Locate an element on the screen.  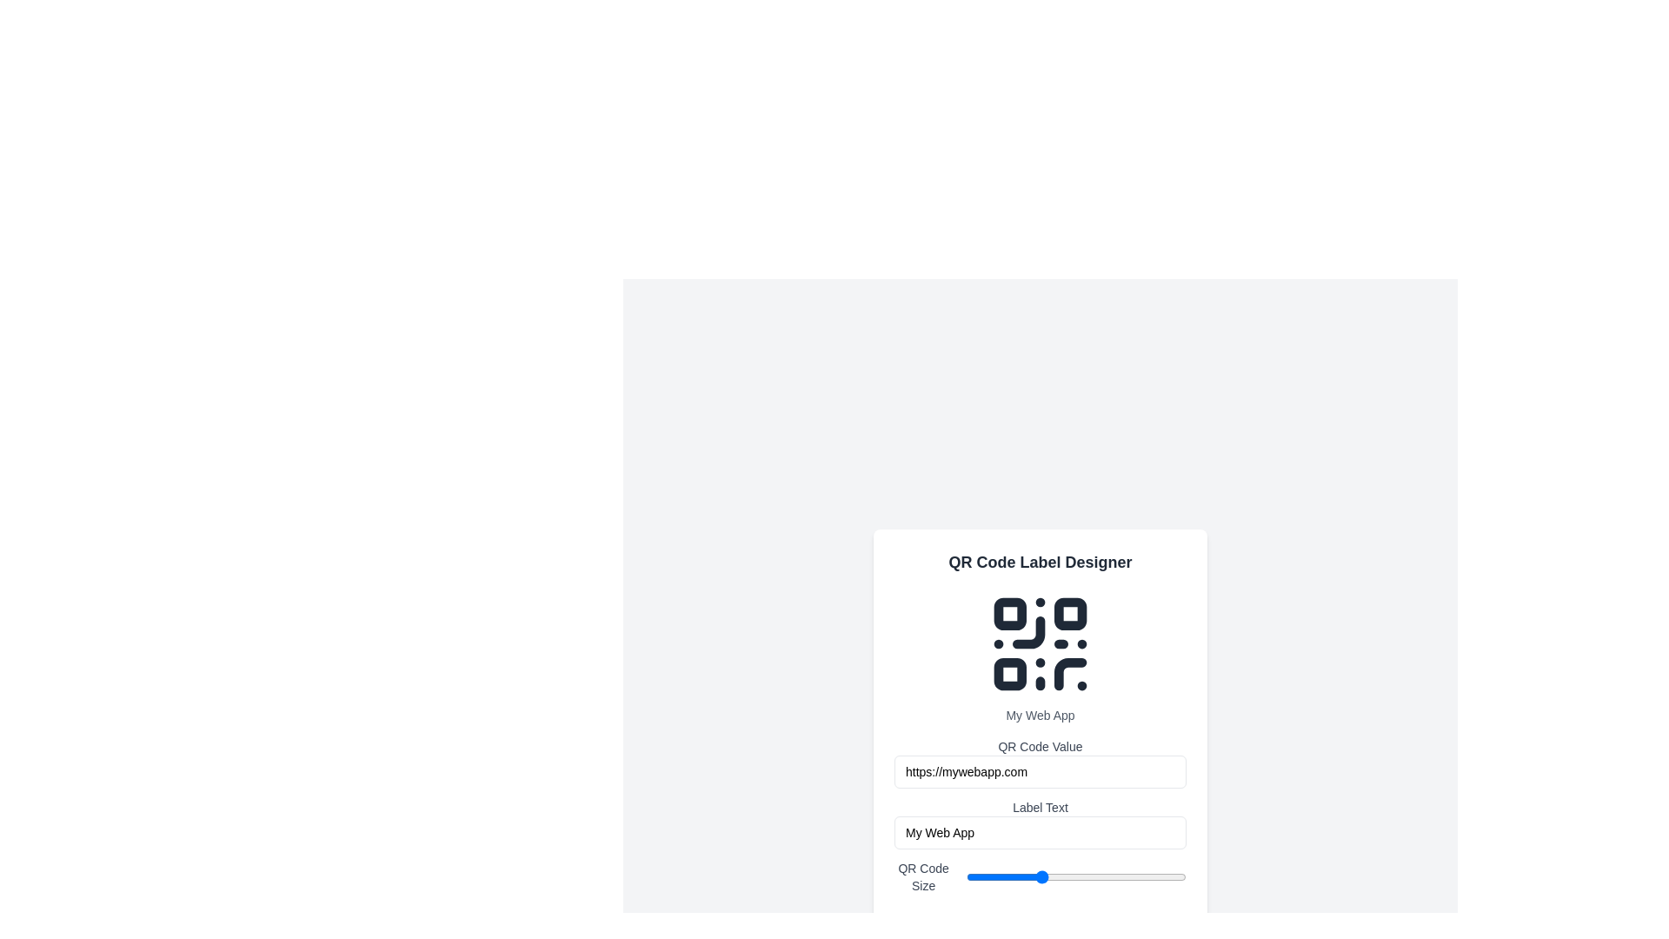
the QR Code Size is located at coordinates (997, 877).